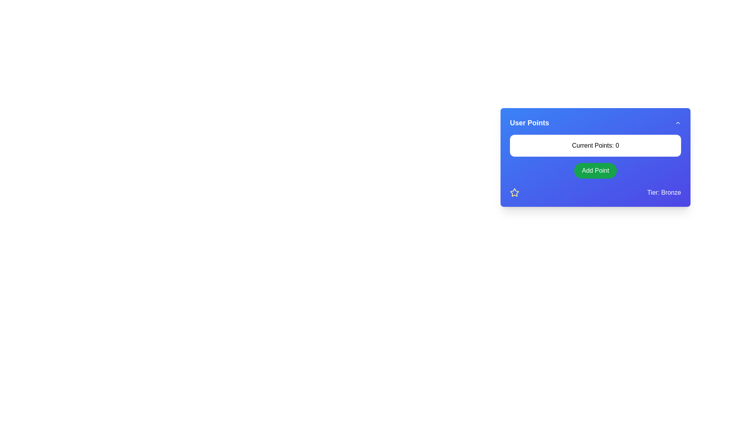 This screenshot has height=423, width=752. I want to click on the 'Add Point' button, which has a green background and white centered text, so click(595, 176).